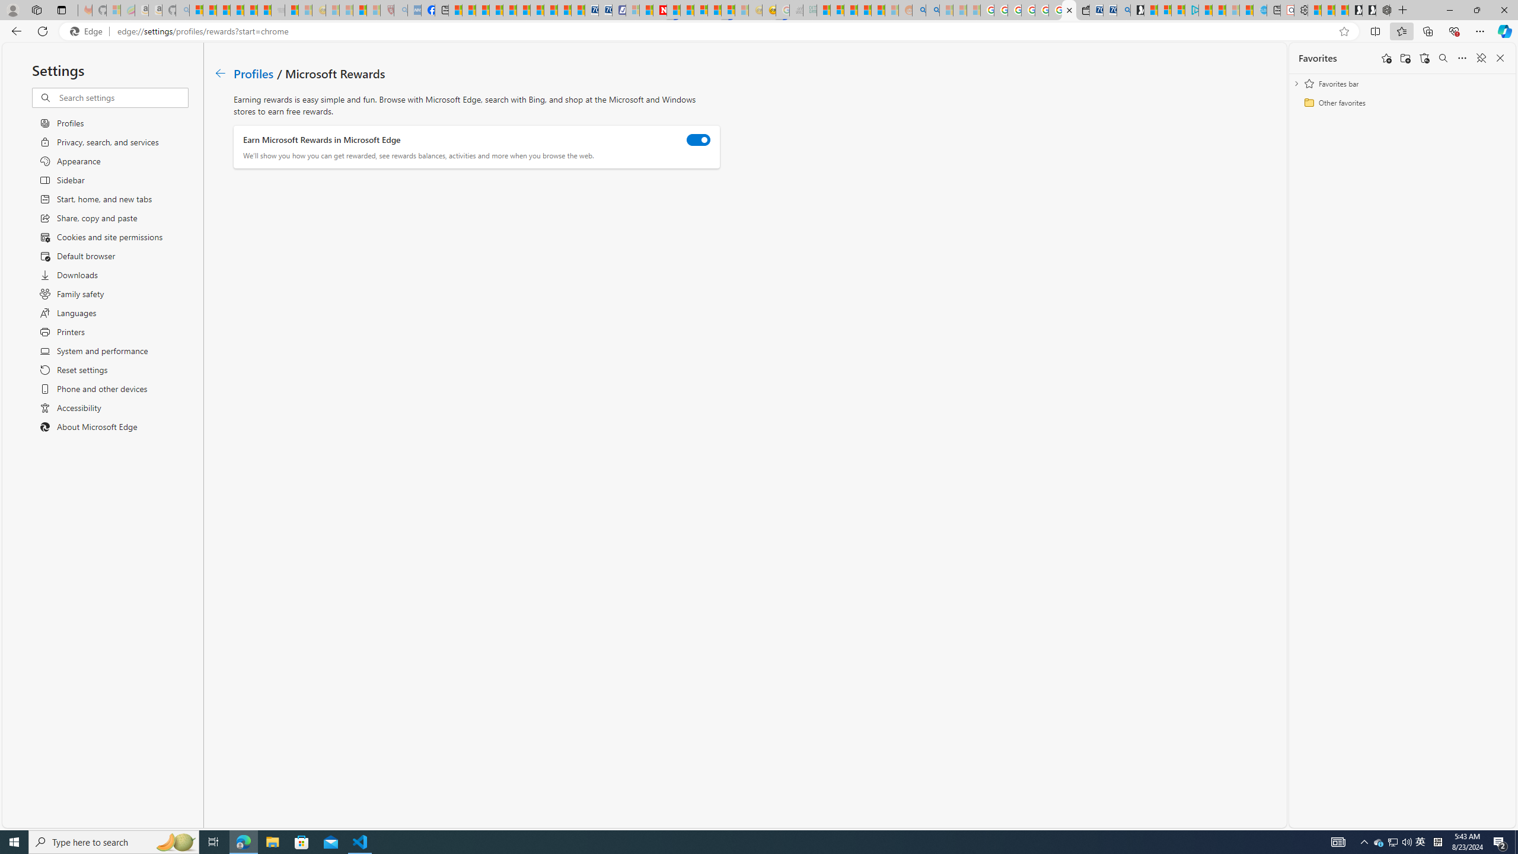 The width and height of the screenshot is (1518, 854). Describe the element at coordinates (1369, 9) in the screenshot. I see `'Play Free Online Games | Games from Microsoft Start'` at that location.